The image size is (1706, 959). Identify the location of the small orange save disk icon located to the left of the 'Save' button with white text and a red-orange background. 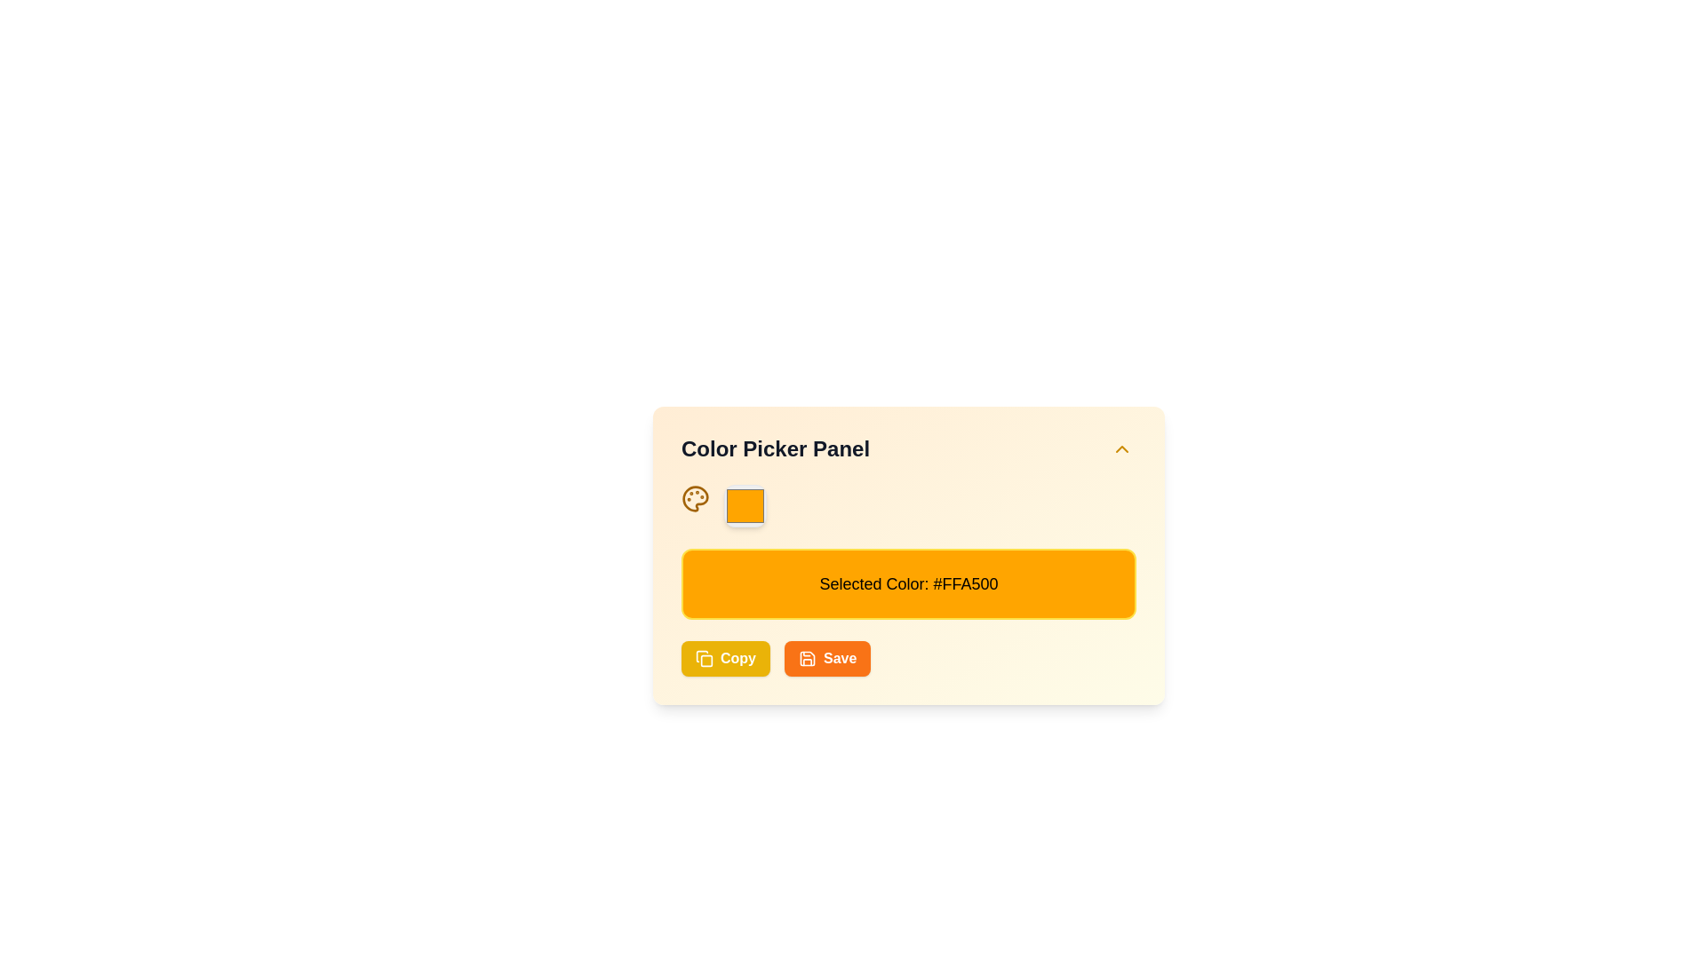
(806, 658).